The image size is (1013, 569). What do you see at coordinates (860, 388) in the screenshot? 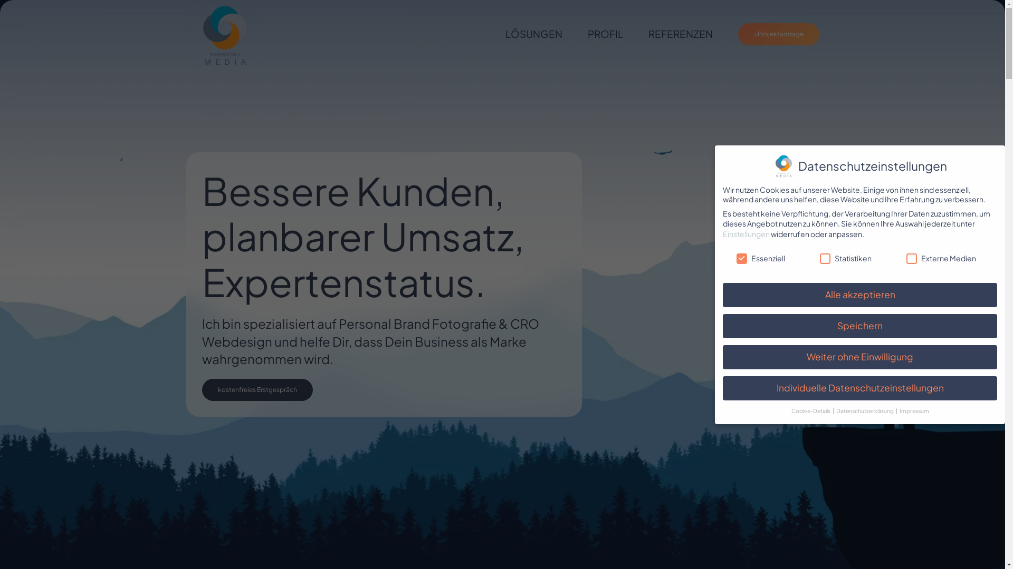
I see `'Individuelle Datenschutzeinstellungen'` at bounding box center [860, 388].